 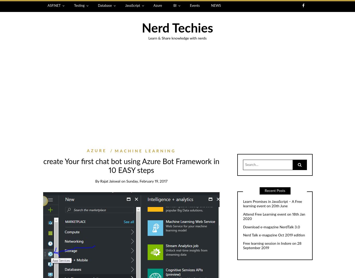 What do you see at coordinates (147, 181) in the screenshot?
I see `'Sunday, February 19, 2017'` at bounding box center [147, 181].